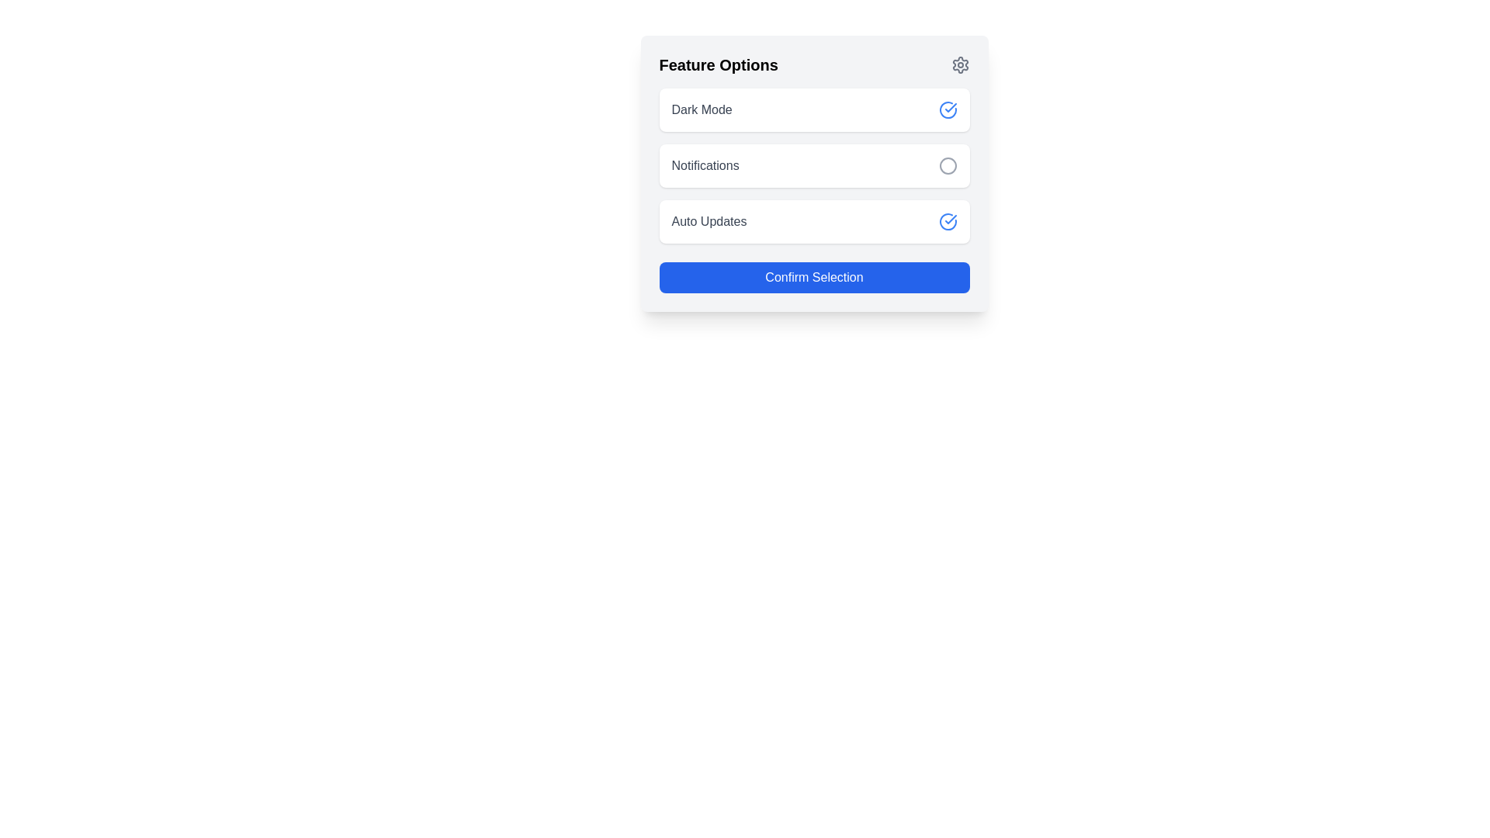 Image resolution: width=1490 pixels, height=838 pixels. What do you see at coordinates (947, 109) in the screenshot?
I see `the Dark Mode activation icon located to the right of the 'Dark Mode' text, which indicates the selection state of the feature` at bounding box center [947, 109].